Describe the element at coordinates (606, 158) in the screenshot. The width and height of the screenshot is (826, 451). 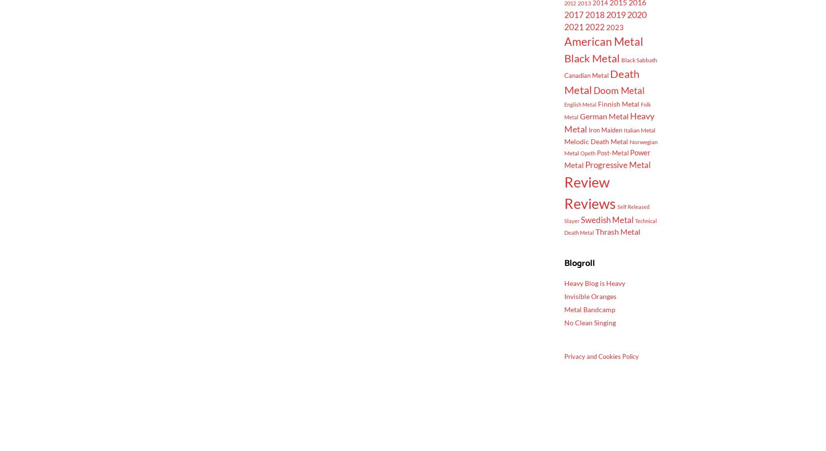
I see `'Power Metal'` at that location.